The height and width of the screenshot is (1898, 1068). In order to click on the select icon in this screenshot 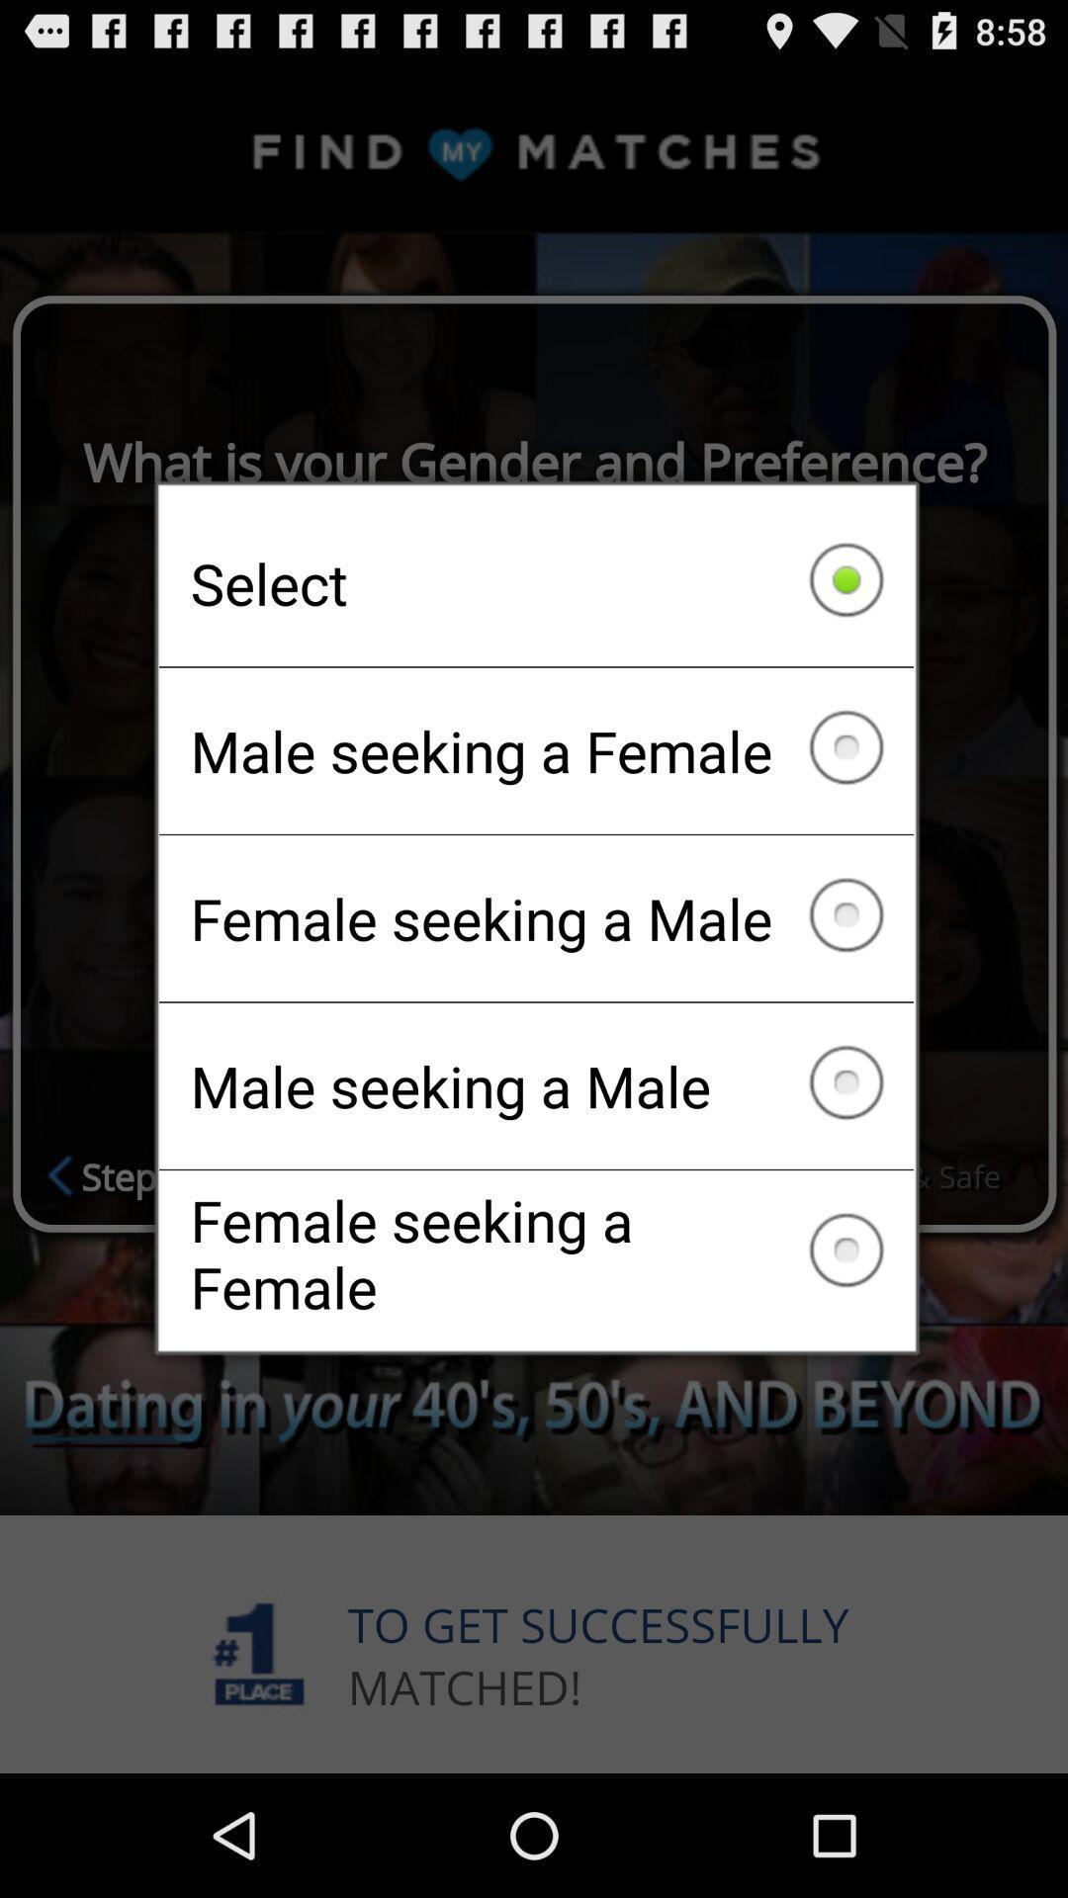, I will do `click(536, 582)`.